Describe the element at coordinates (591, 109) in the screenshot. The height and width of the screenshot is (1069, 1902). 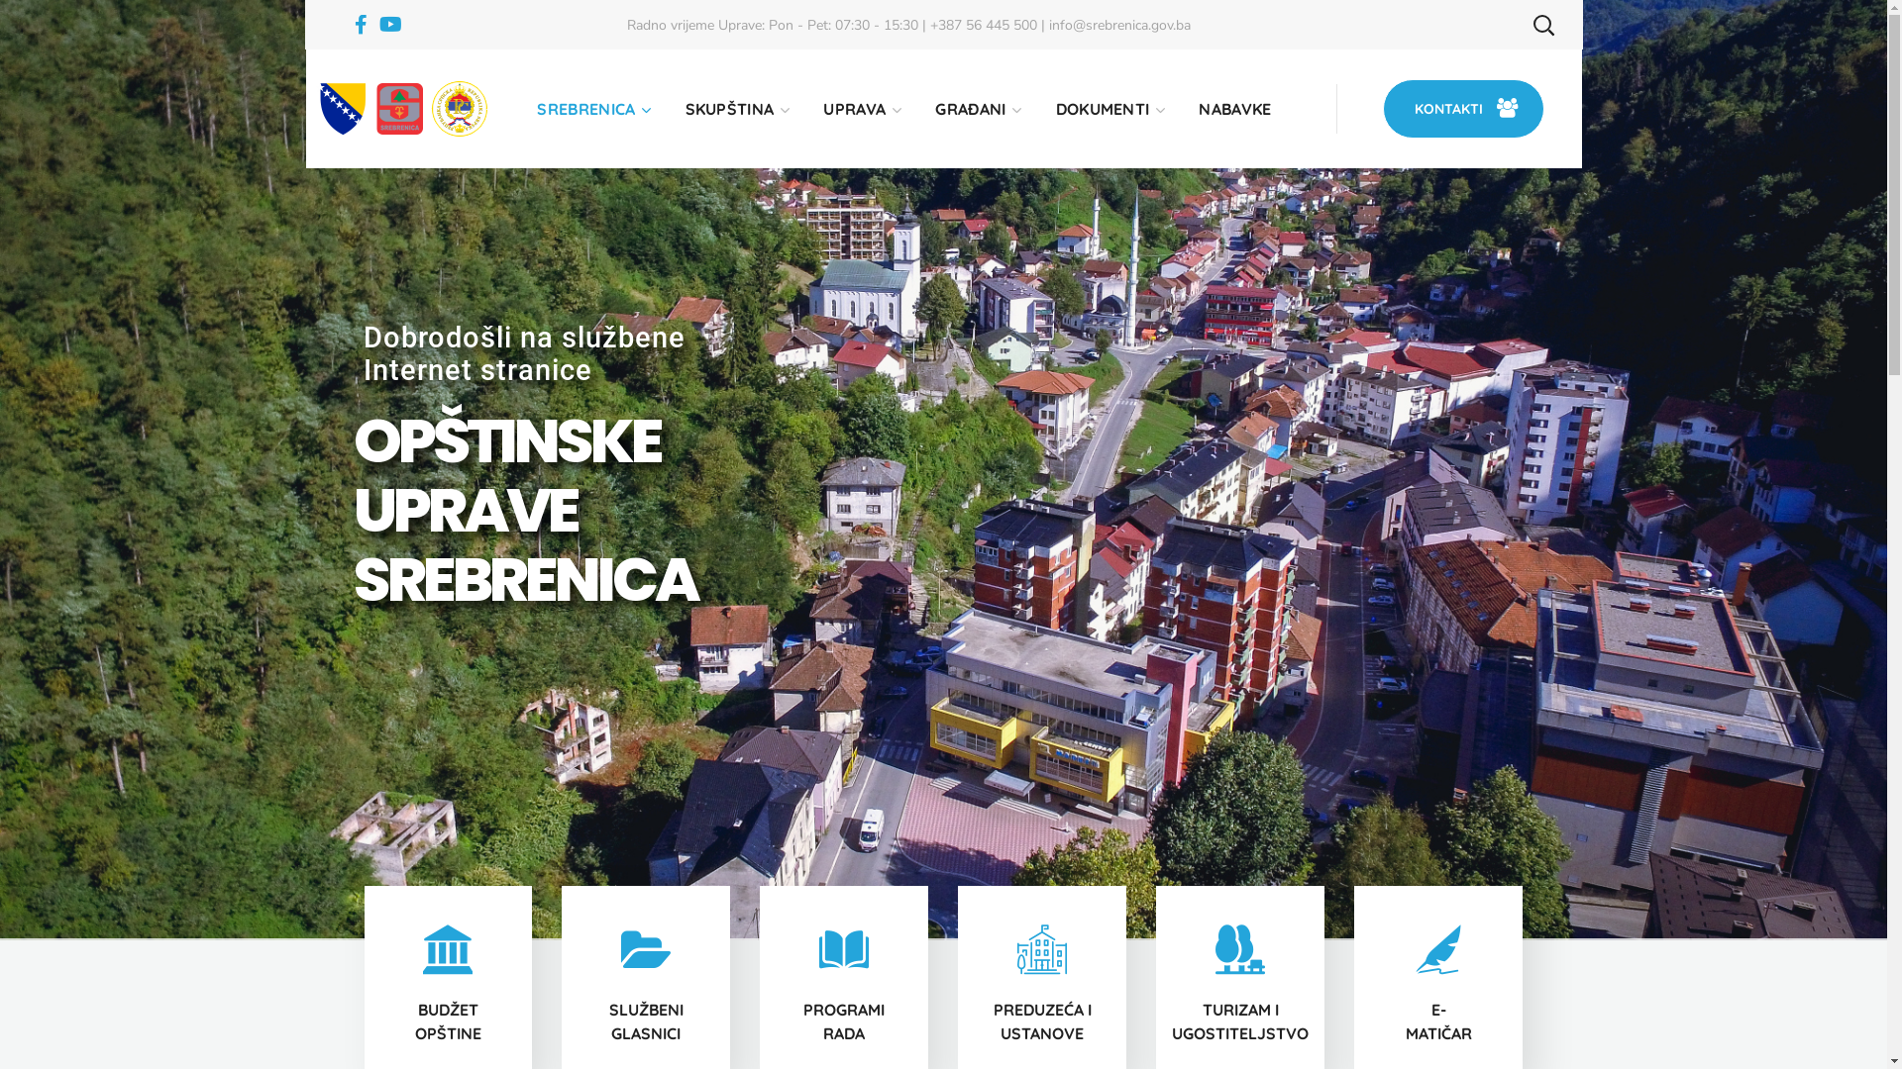
I see `'SREBRENICA'` at that location.